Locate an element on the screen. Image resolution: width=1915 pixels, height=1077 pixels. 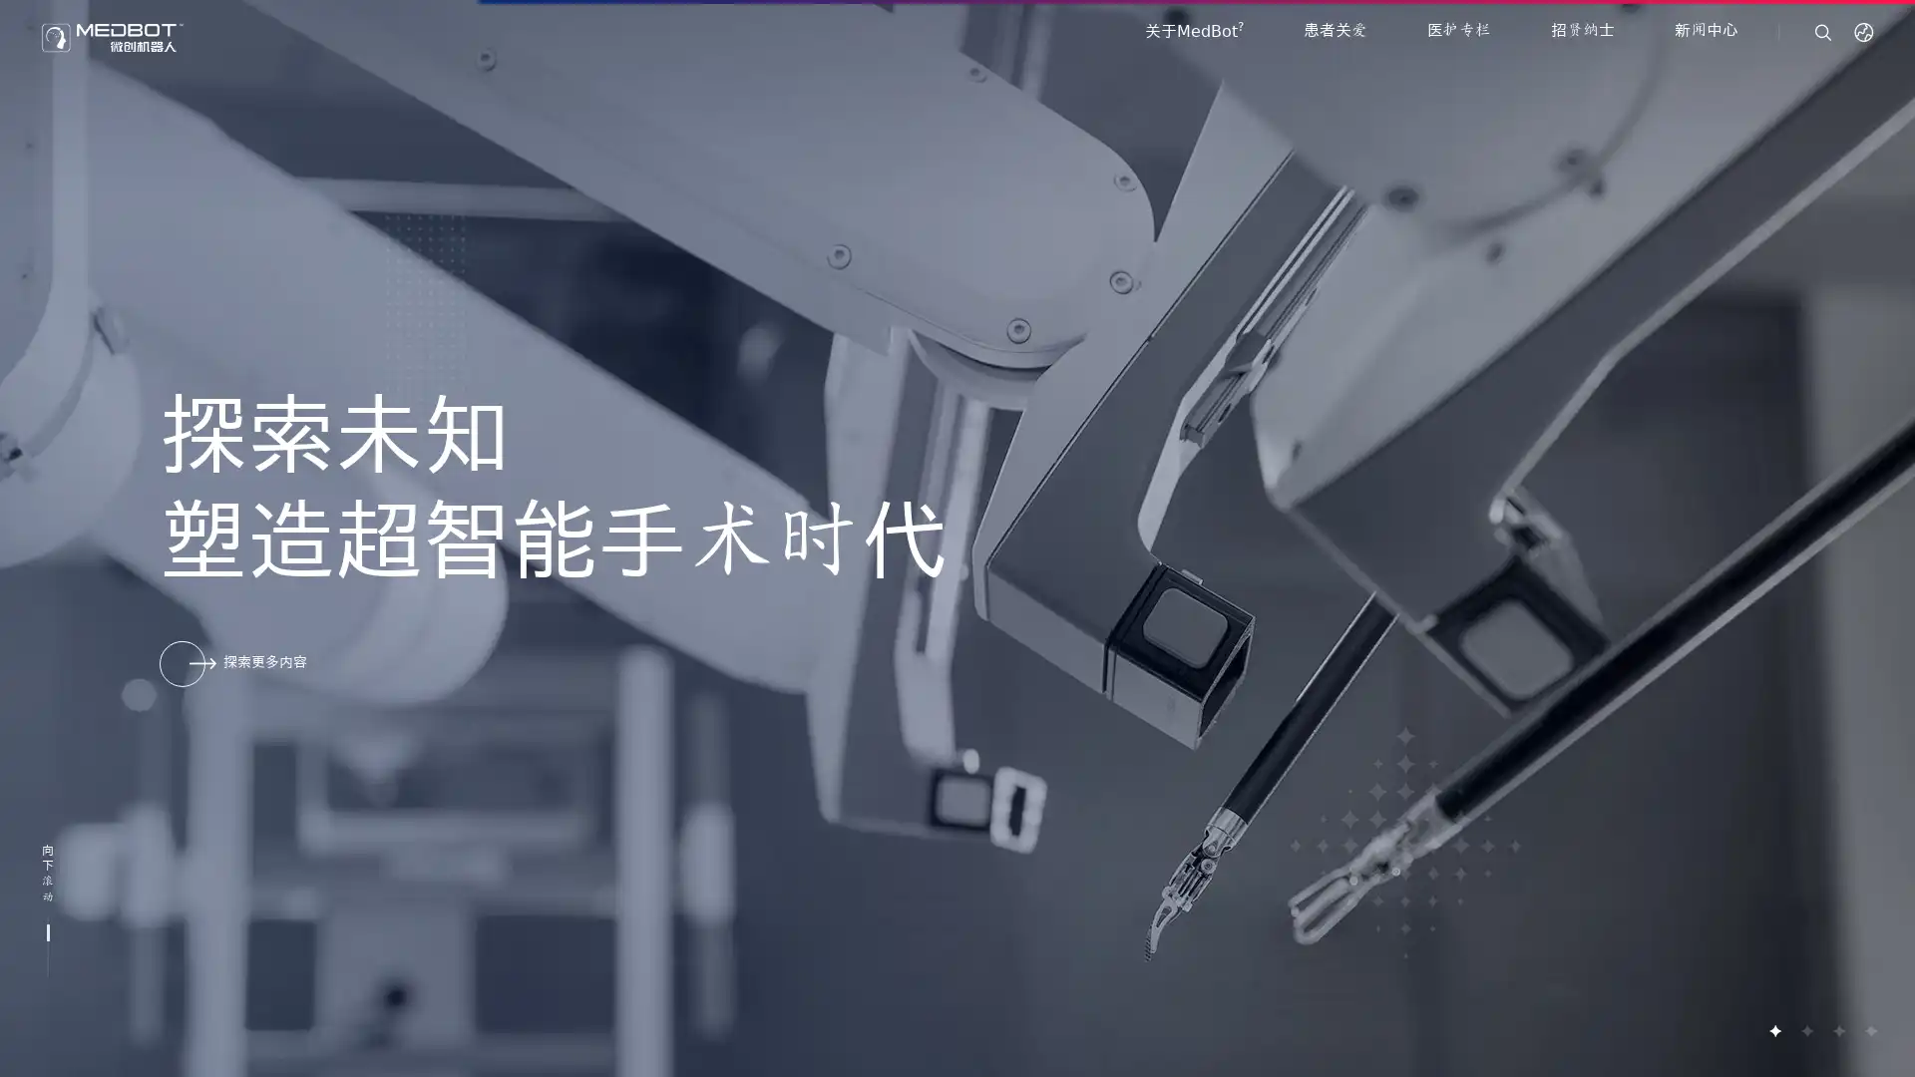
Go to slide 4 is located at coordinates (1869, 1030).